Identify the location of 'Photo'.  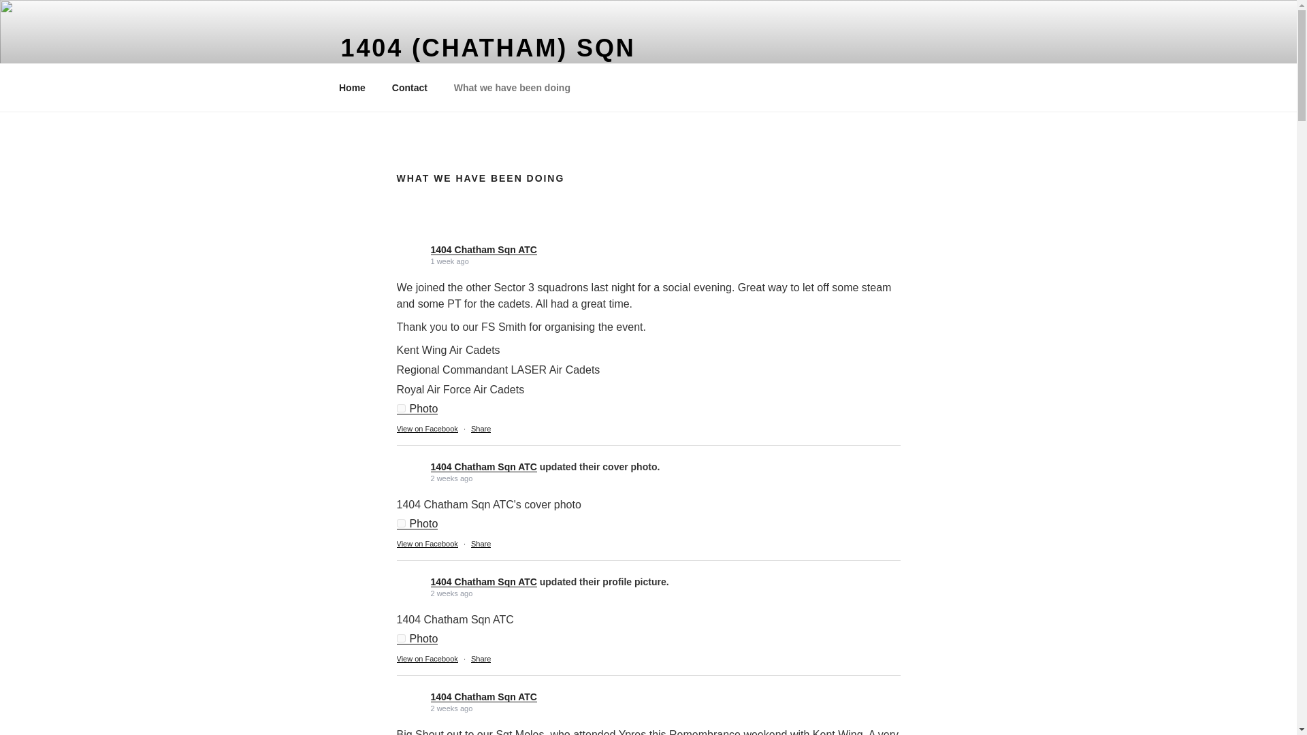
(395, 523).